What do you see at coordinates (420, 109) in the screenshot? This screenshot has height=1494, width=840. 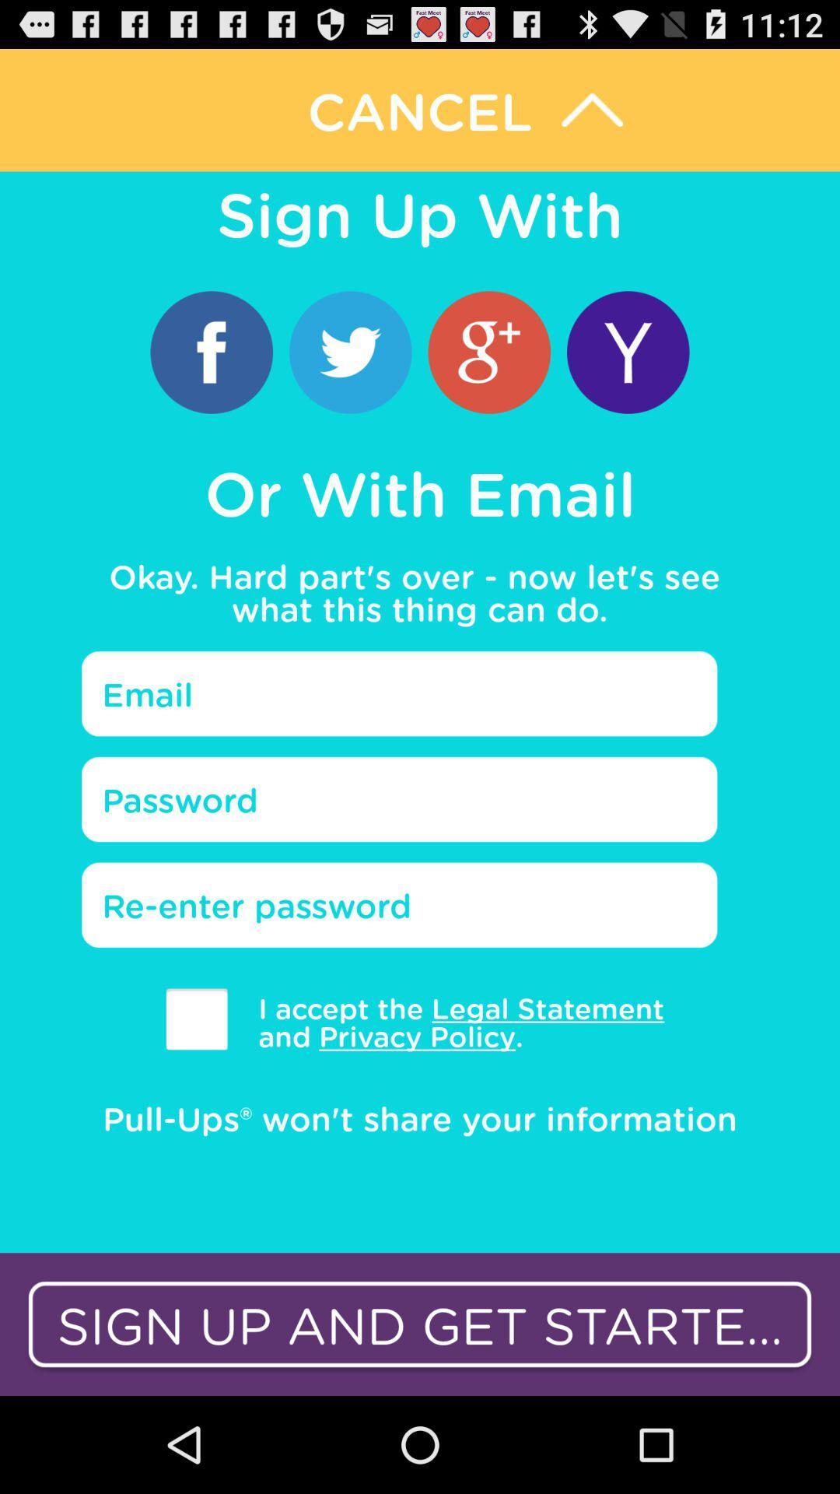 I see `cancel sign up` at bounding box center [420, 109].